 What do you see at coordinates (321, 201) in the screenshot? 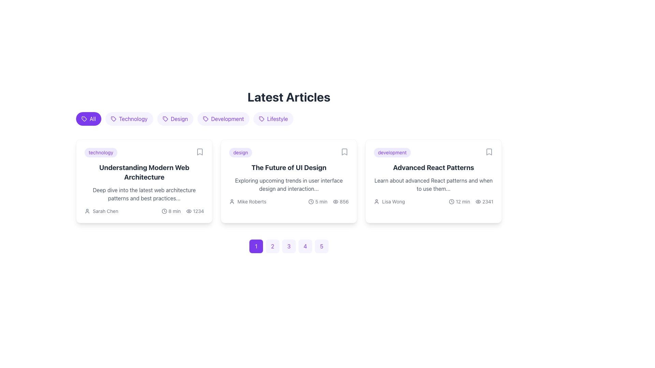
I see `the static text label that displays the estimated reading time for the article 'The Future of UI Design', which is positioned below the author's name and to the right of a clock icon` at bounding box center [321, 201].